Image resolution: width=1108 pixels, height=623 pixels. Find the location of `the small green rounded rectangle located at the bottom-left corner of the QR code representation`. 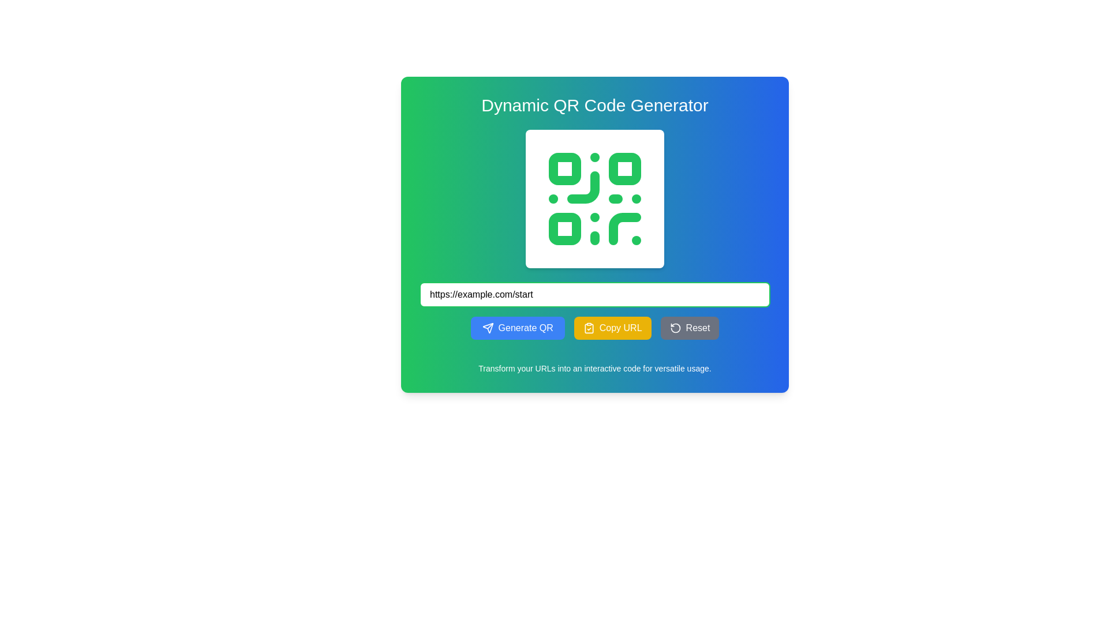

the small green rounded rectangle located at the bottom-left corner of the QR code representation is located at coordinates (565, 229).